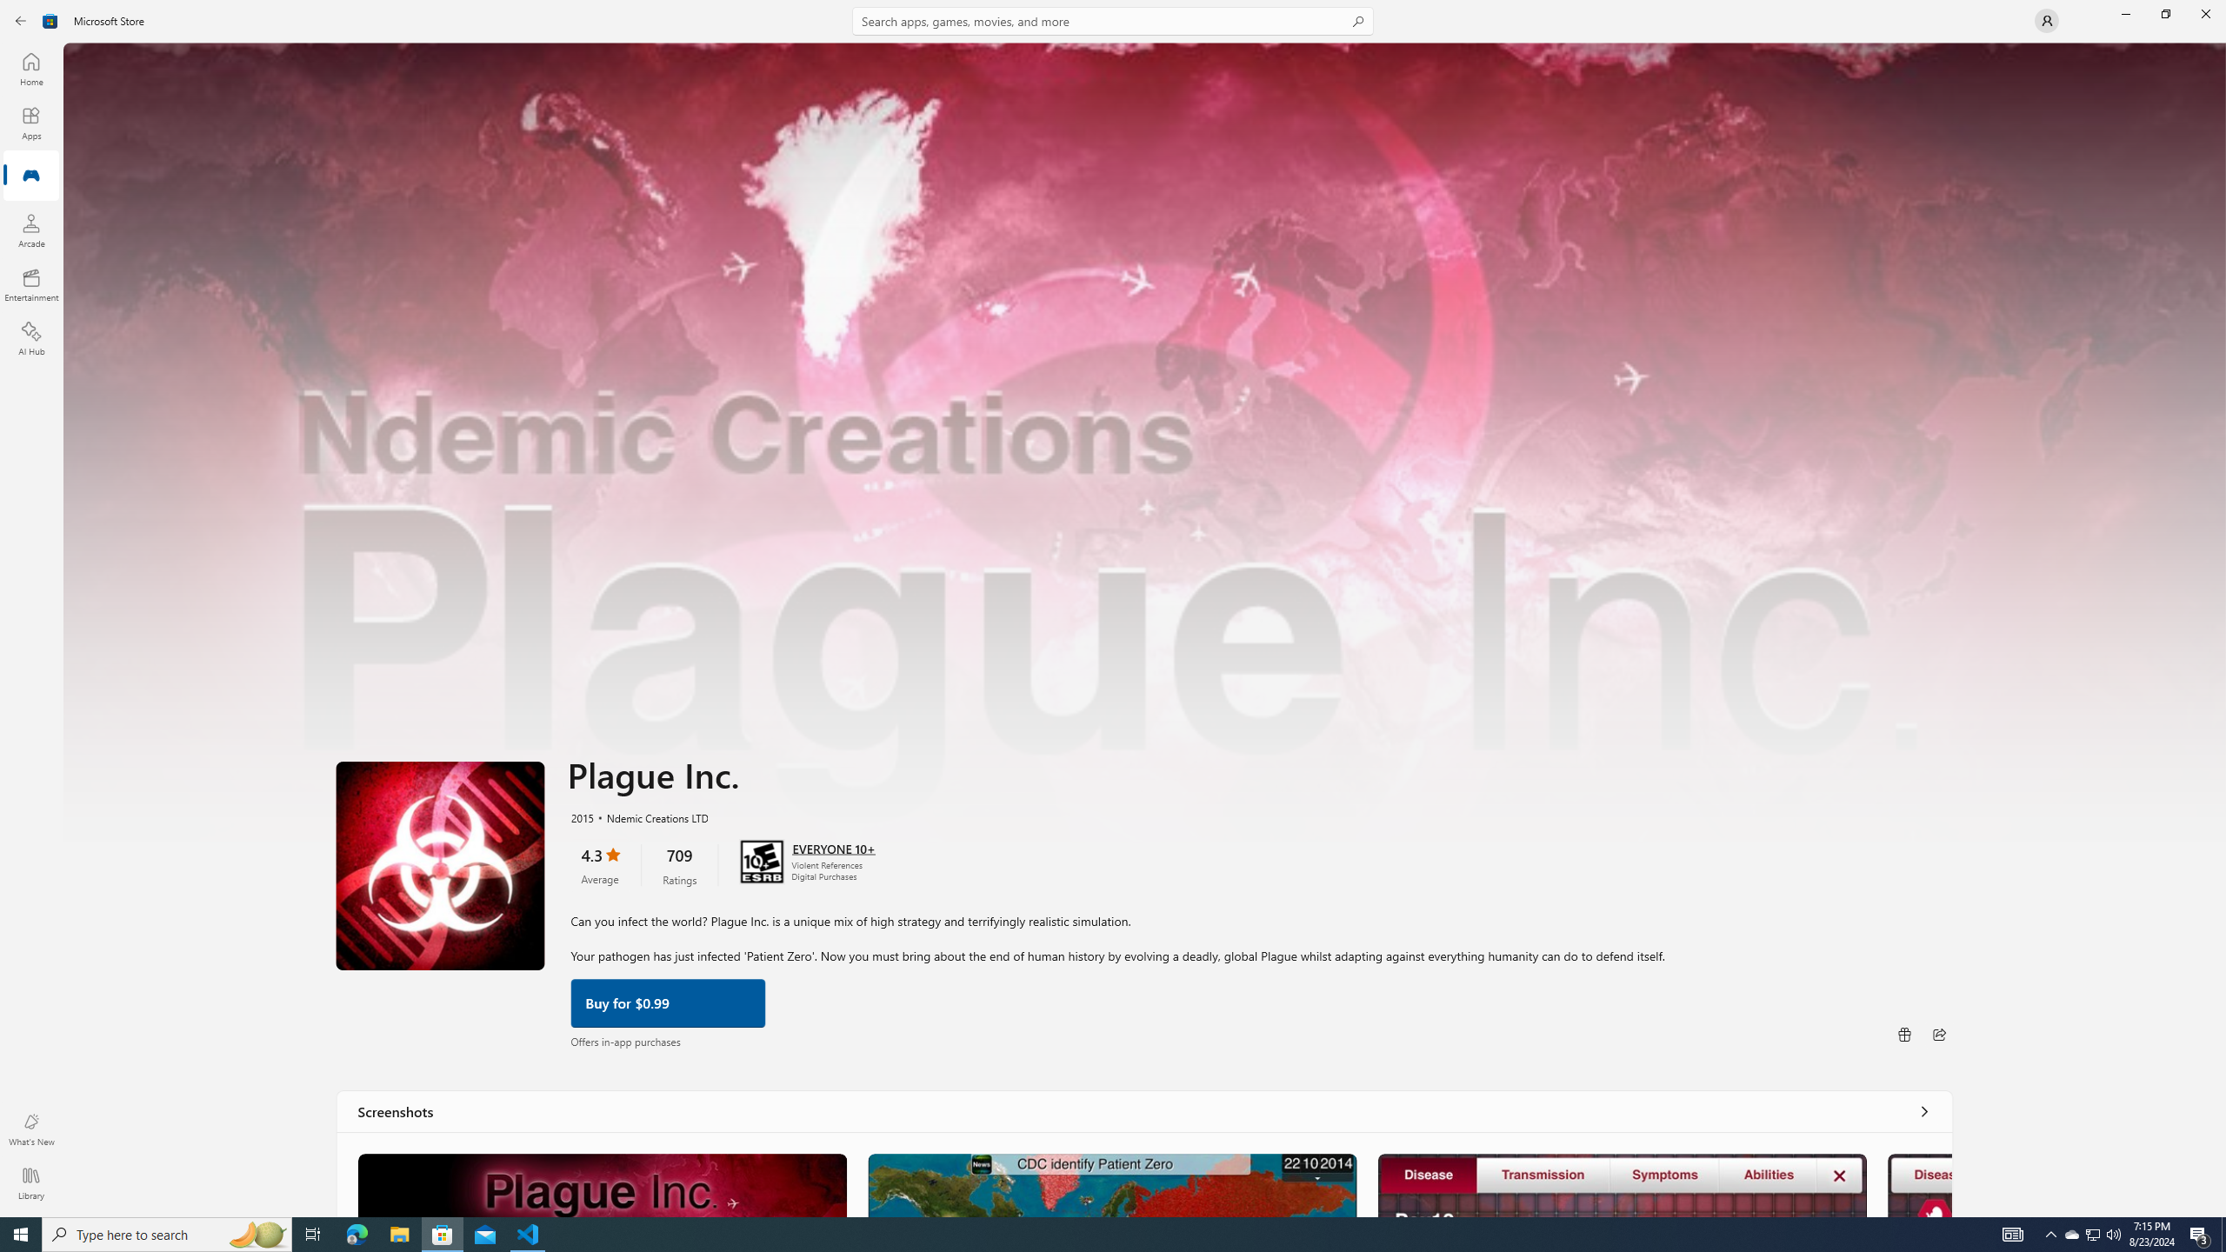 The image size is (2226, 1252). I want to click on 'Buy as gift', so click(1903, 1033).